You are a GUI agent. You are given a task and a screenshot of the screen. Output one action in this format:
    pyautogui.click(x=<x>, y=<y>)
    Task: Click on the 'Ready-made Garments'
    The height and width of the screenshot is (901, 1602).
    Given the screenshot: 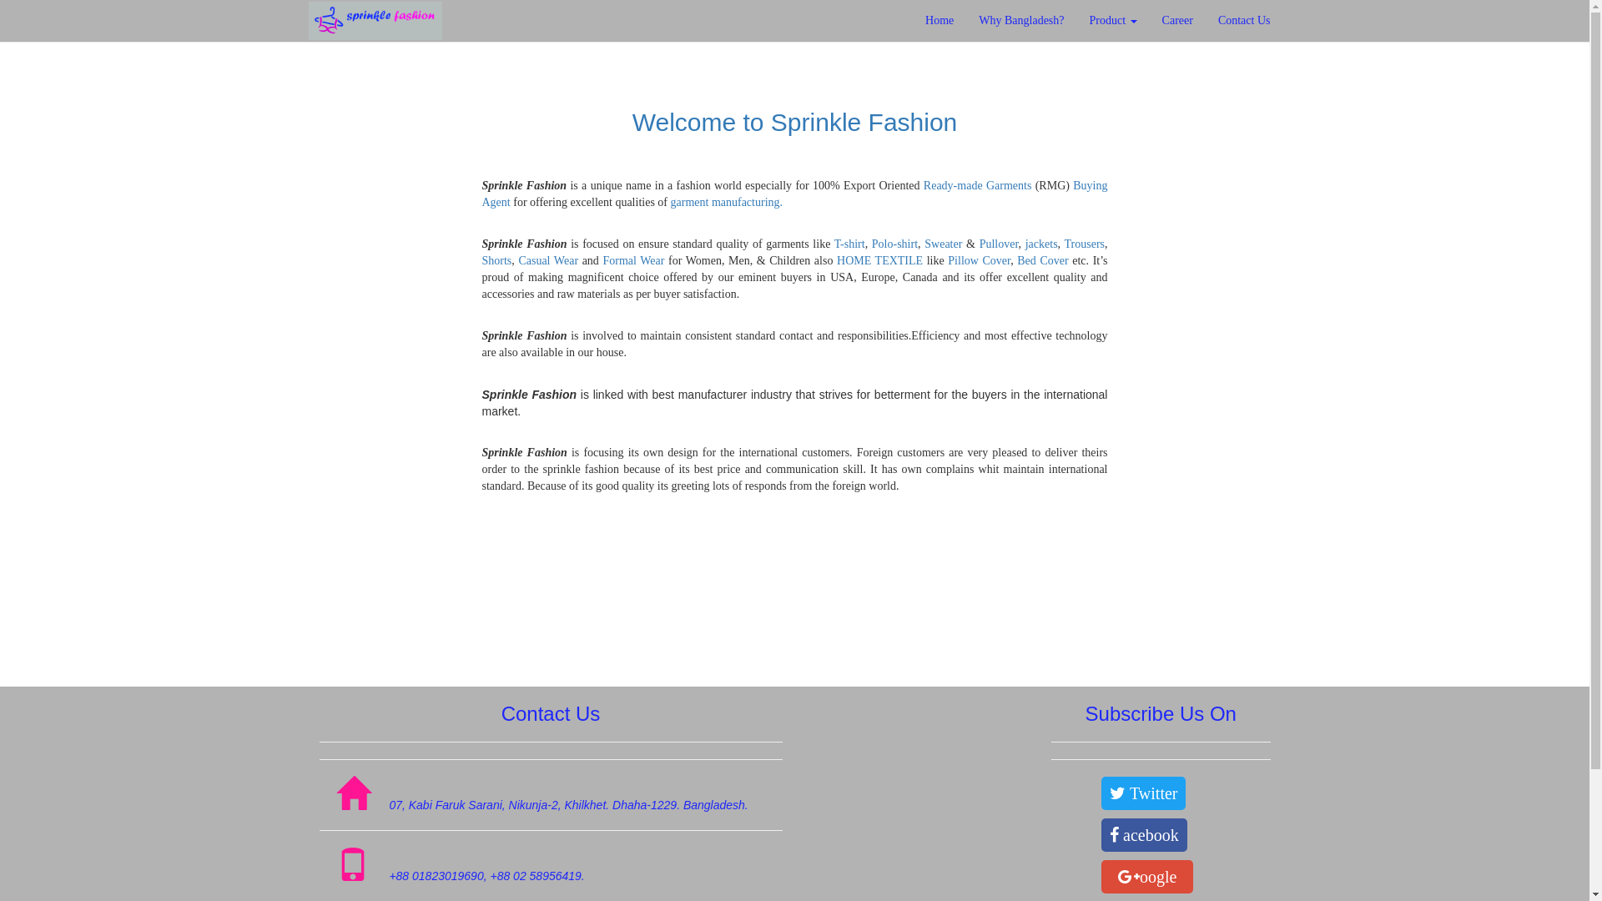 What is the action you would take?
    pyautogui.click(x=977, y=185)
    